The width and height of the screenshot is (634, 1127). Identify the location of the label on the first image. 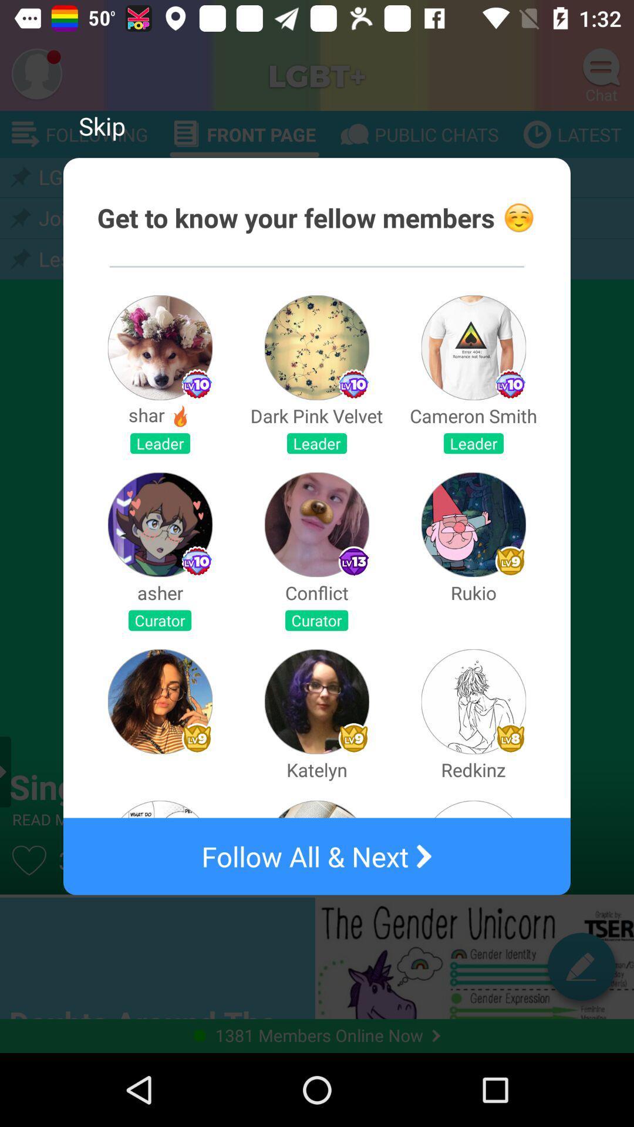
(196, 384).